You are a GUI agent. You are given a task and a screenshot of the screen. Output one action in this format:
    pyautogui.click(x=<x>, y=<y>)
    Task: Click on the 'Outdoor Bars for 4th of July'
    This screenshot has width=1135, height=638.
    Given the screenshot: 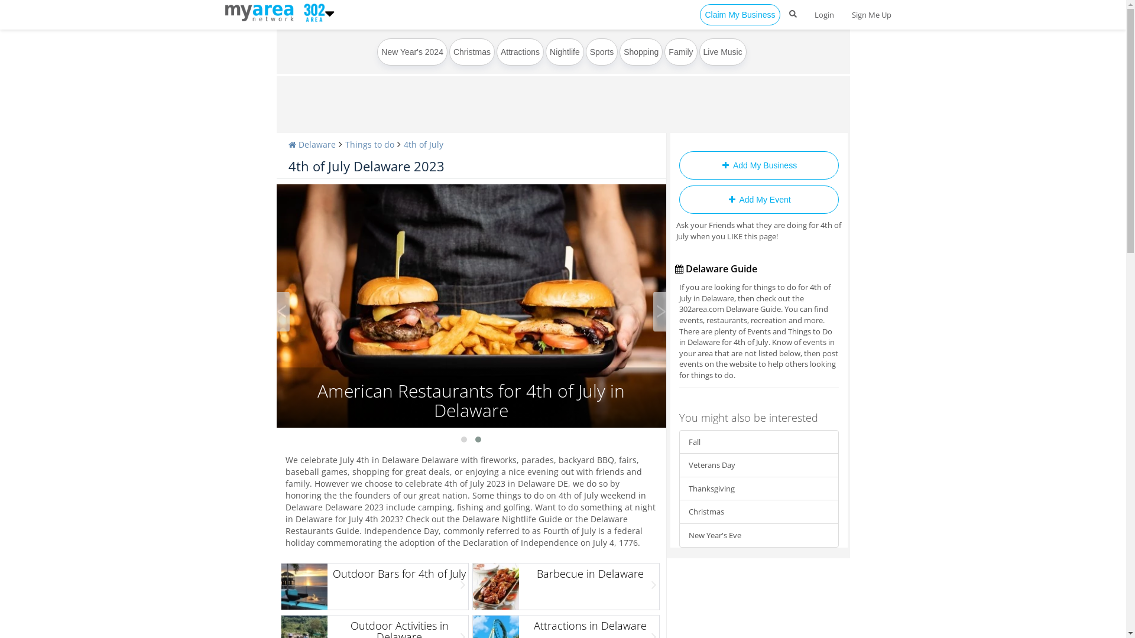 What is the action you would take?
    pyautogui.click(x=374, y=586)
    